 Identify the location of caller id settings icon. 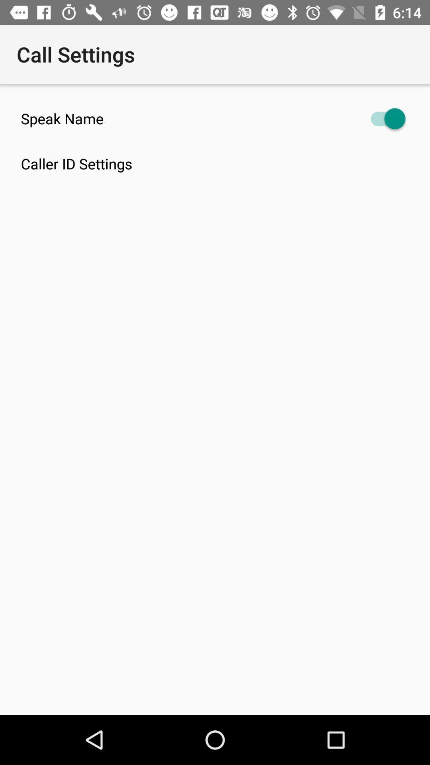
(225, 163).